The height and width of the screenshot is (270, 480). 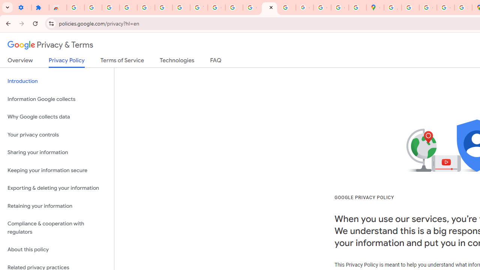 What do you see at coordinates (22, 7) in the screenshot?
I see `'Settings - On startup'` at bounding box center [22, 7].